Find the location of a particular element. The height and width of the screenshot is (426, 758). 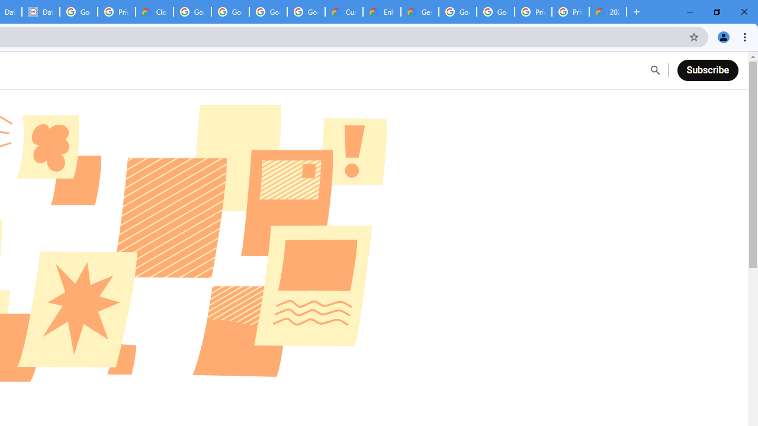

'Open Search' is located at coordinates (654, 70).